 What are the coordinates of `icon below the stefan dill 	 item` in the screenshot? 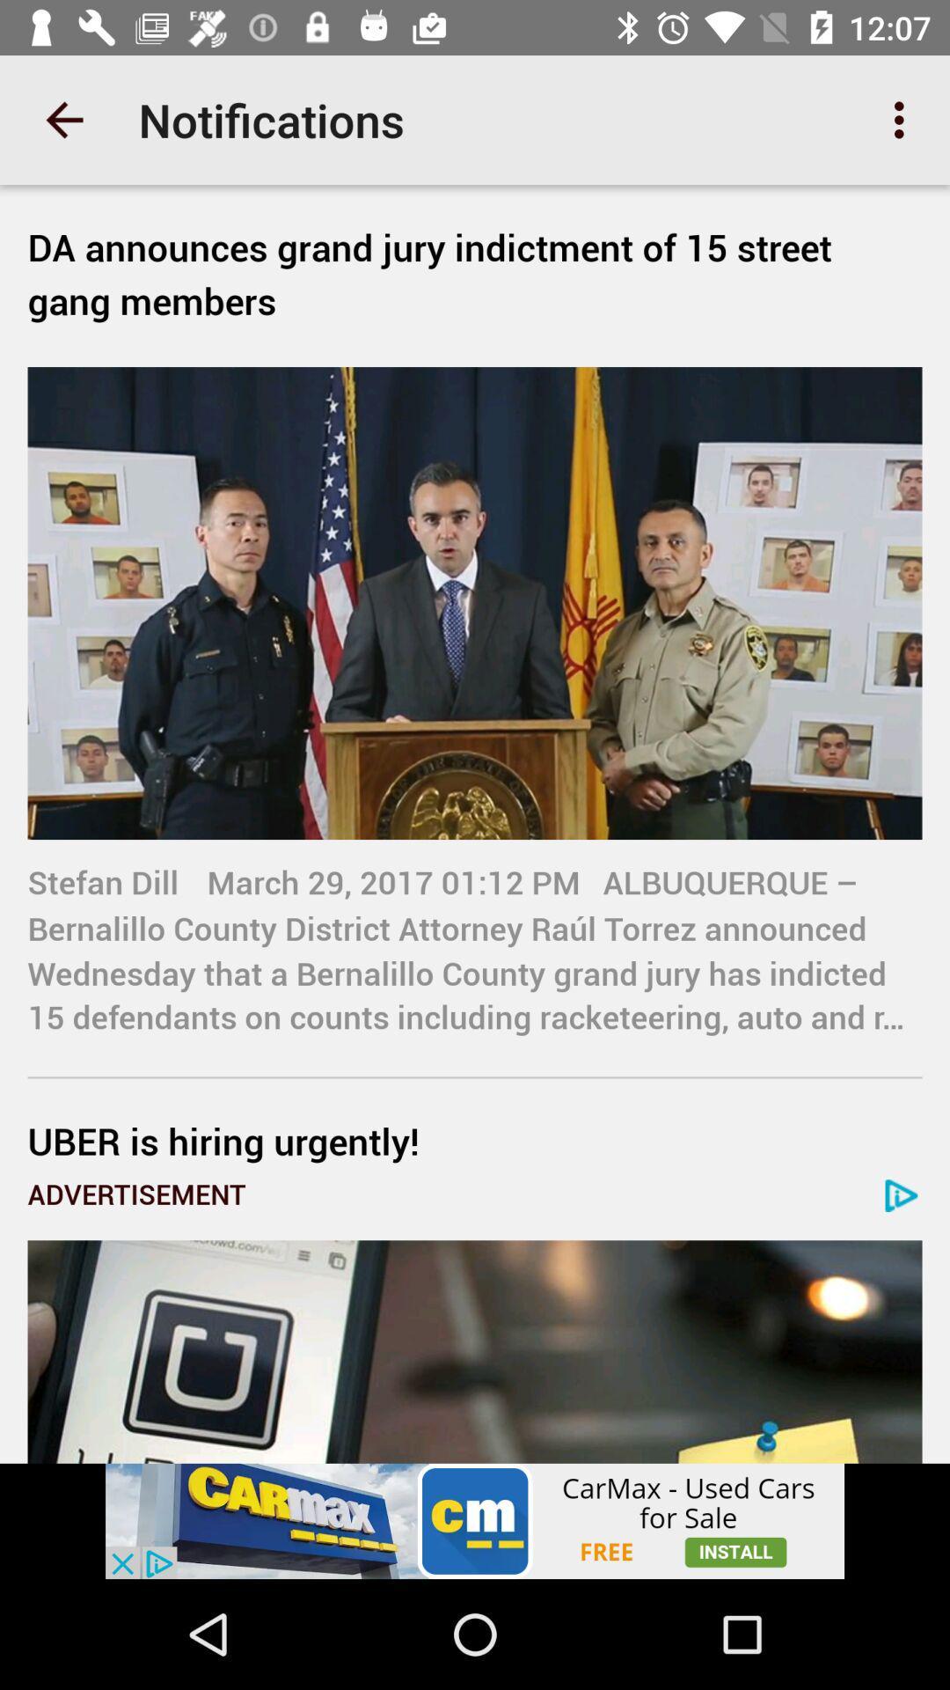 It's located at (475, 1141).